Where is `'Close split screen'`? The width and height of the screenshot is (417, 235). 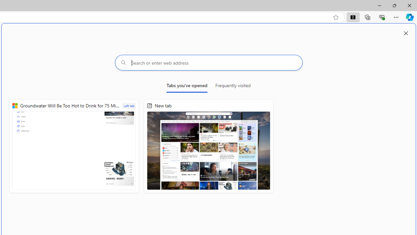
'Close split screen' is located at coordinates (406, 33).